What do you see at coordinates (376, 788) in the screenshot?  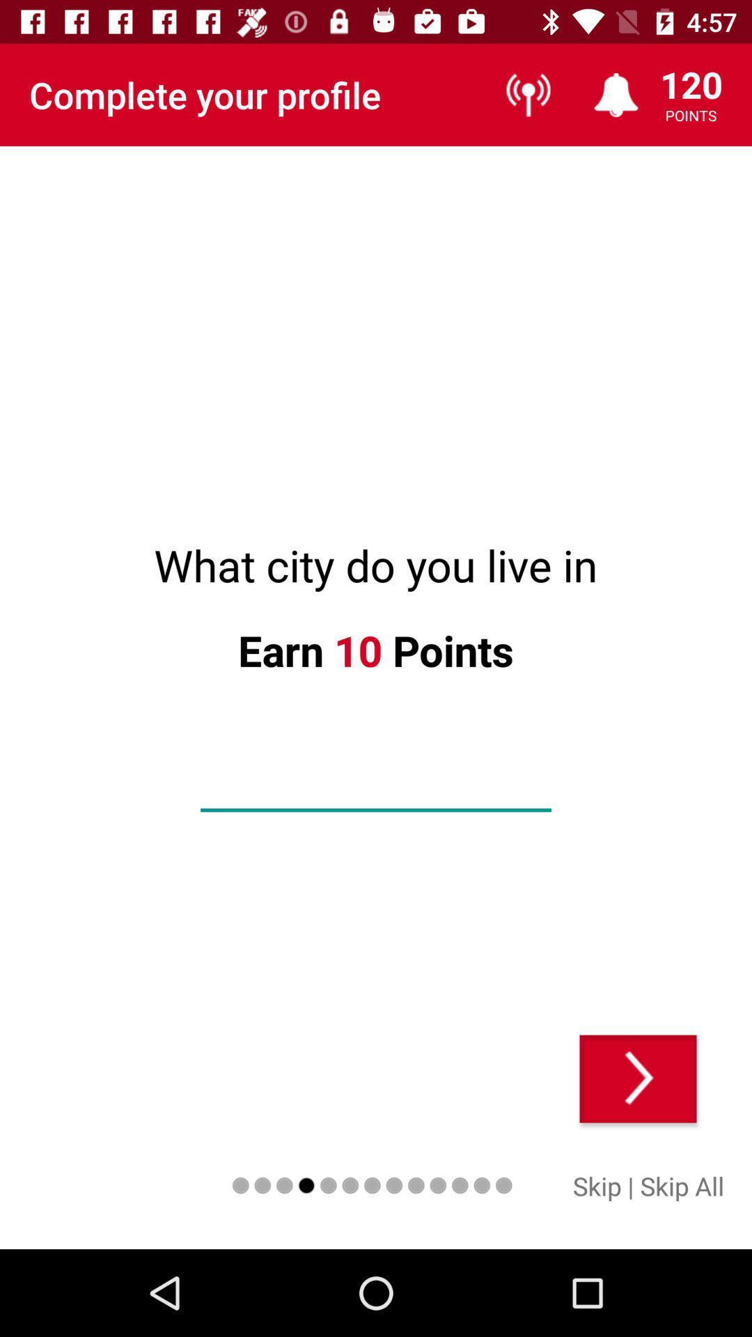 I see `your city` at bounding box center [376, 788].